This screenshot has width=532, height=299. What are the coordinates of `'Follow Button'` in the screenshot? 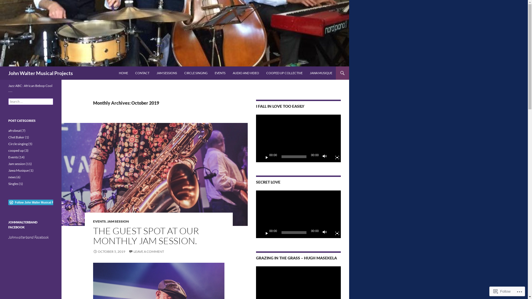 It's located at (30, 202).